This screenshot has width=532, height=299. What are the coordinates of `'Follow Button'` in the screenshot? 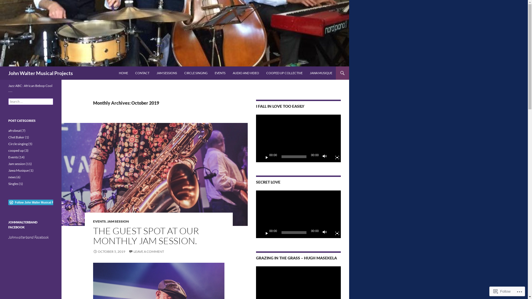 It's located at (30, 202).